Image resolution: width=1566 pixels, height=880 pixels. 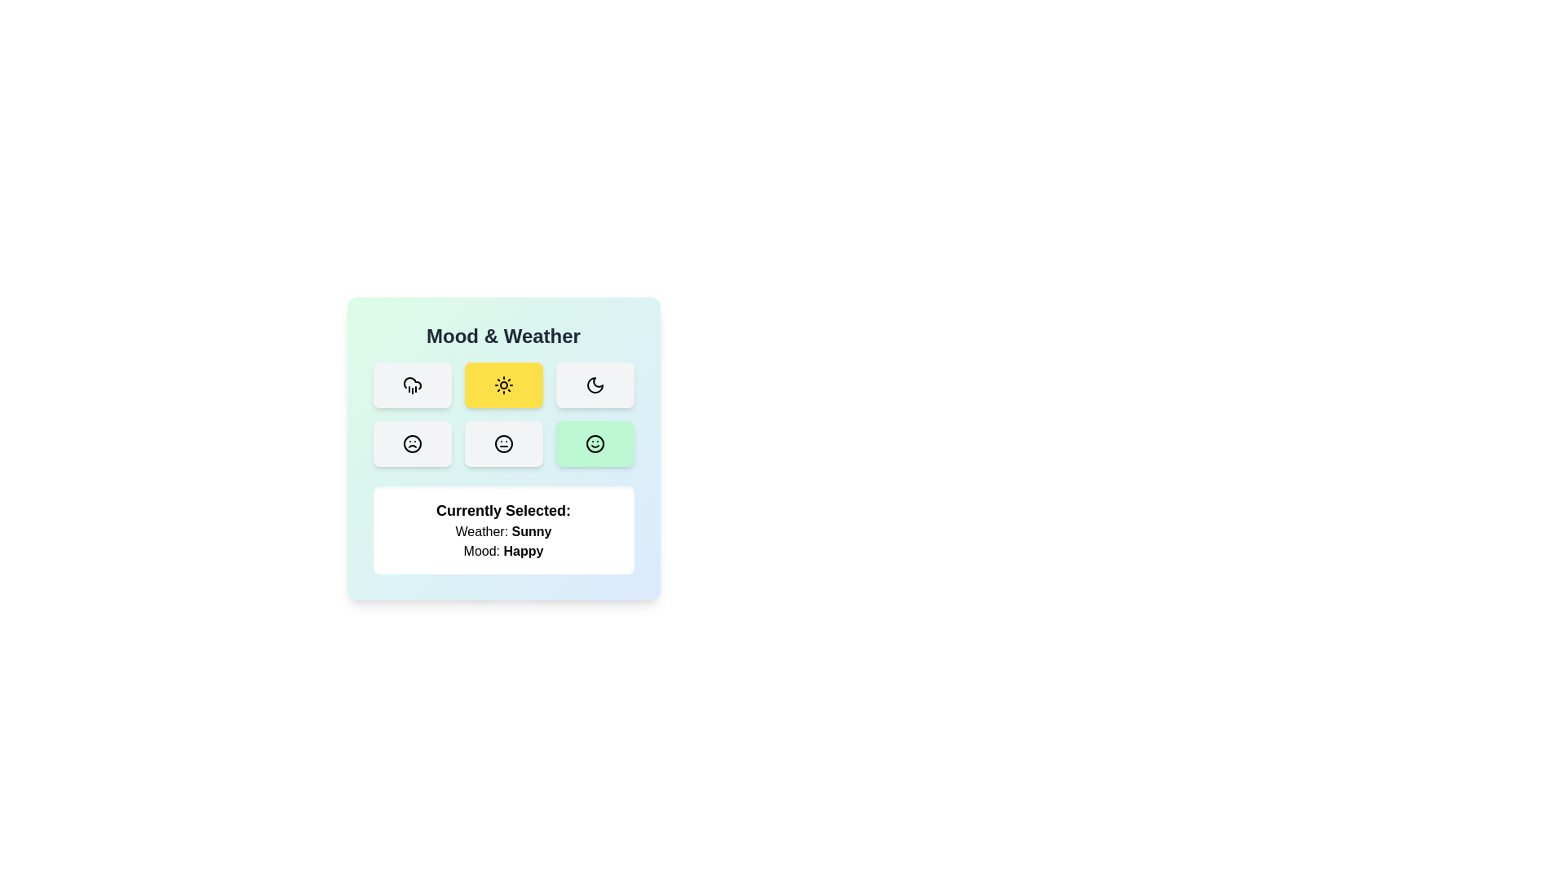 I want to click on the moon icon button, which is a minimalist outline design with a crescent shape, located in the top-right corner of the grid of six icons, so click(x=594, y=385).